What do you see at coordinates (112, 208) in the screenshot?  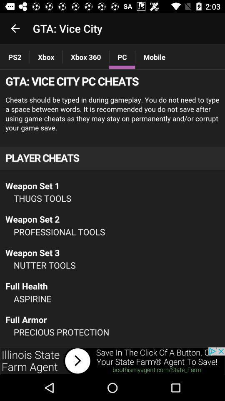 I see `advertisement` at bounding box center [112, 208].